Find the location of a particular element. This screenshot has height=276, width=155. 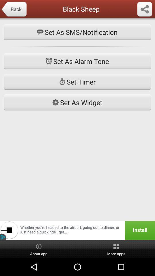

button above the about app item is located at coordinates (77, 230).